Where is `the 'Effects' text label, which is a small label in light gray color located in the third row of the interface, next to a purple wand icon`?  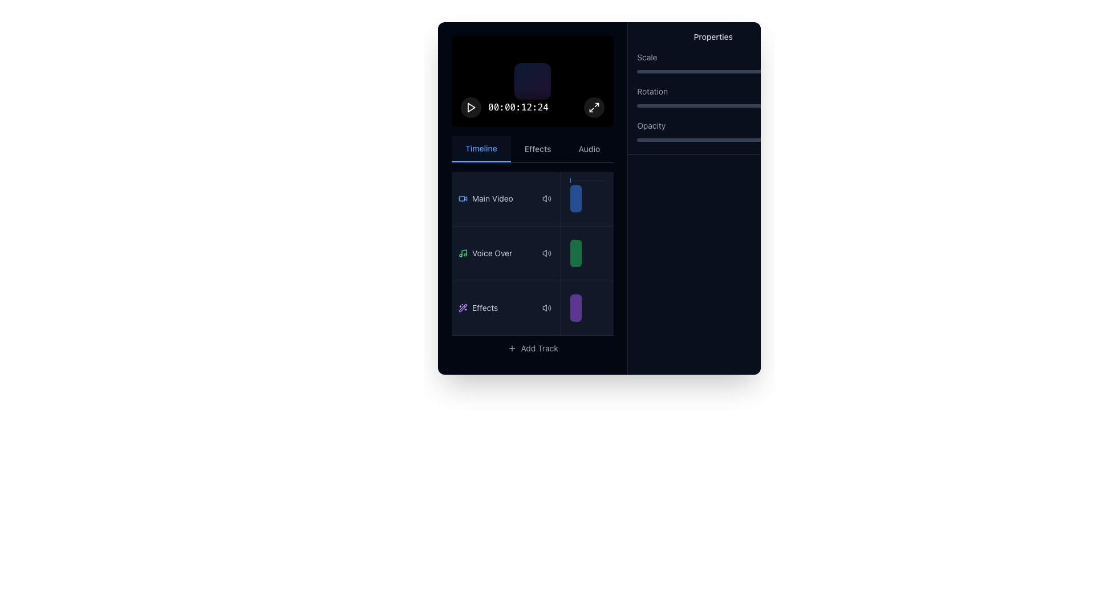
the 'Effects' text label, which is a small label in light gray color located in the third row of the interface, next to a purple wand icon is located at coordinates (485, 308).